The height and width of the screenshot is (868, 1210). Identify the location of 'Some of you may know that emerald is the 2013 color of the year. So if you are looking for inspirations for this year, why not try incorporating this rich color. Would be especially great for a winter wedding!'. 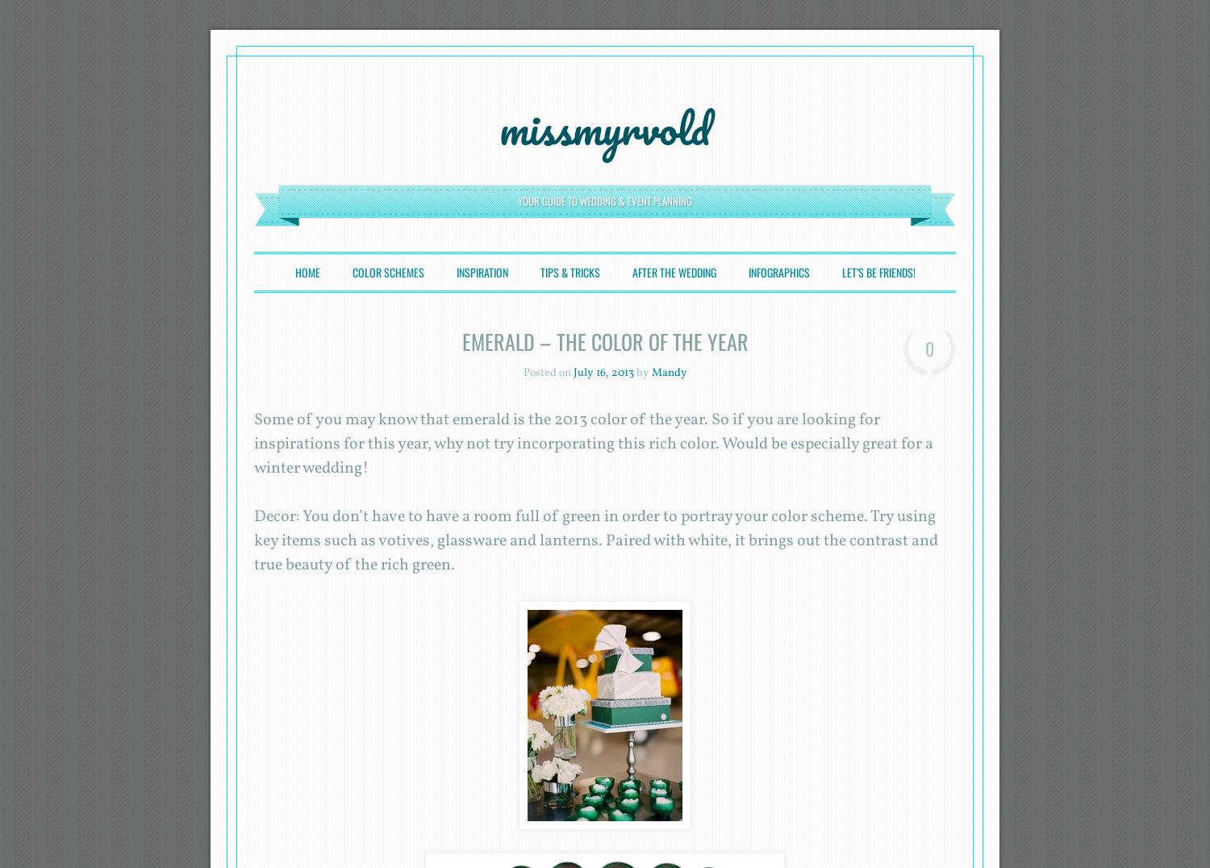
(593, 444).